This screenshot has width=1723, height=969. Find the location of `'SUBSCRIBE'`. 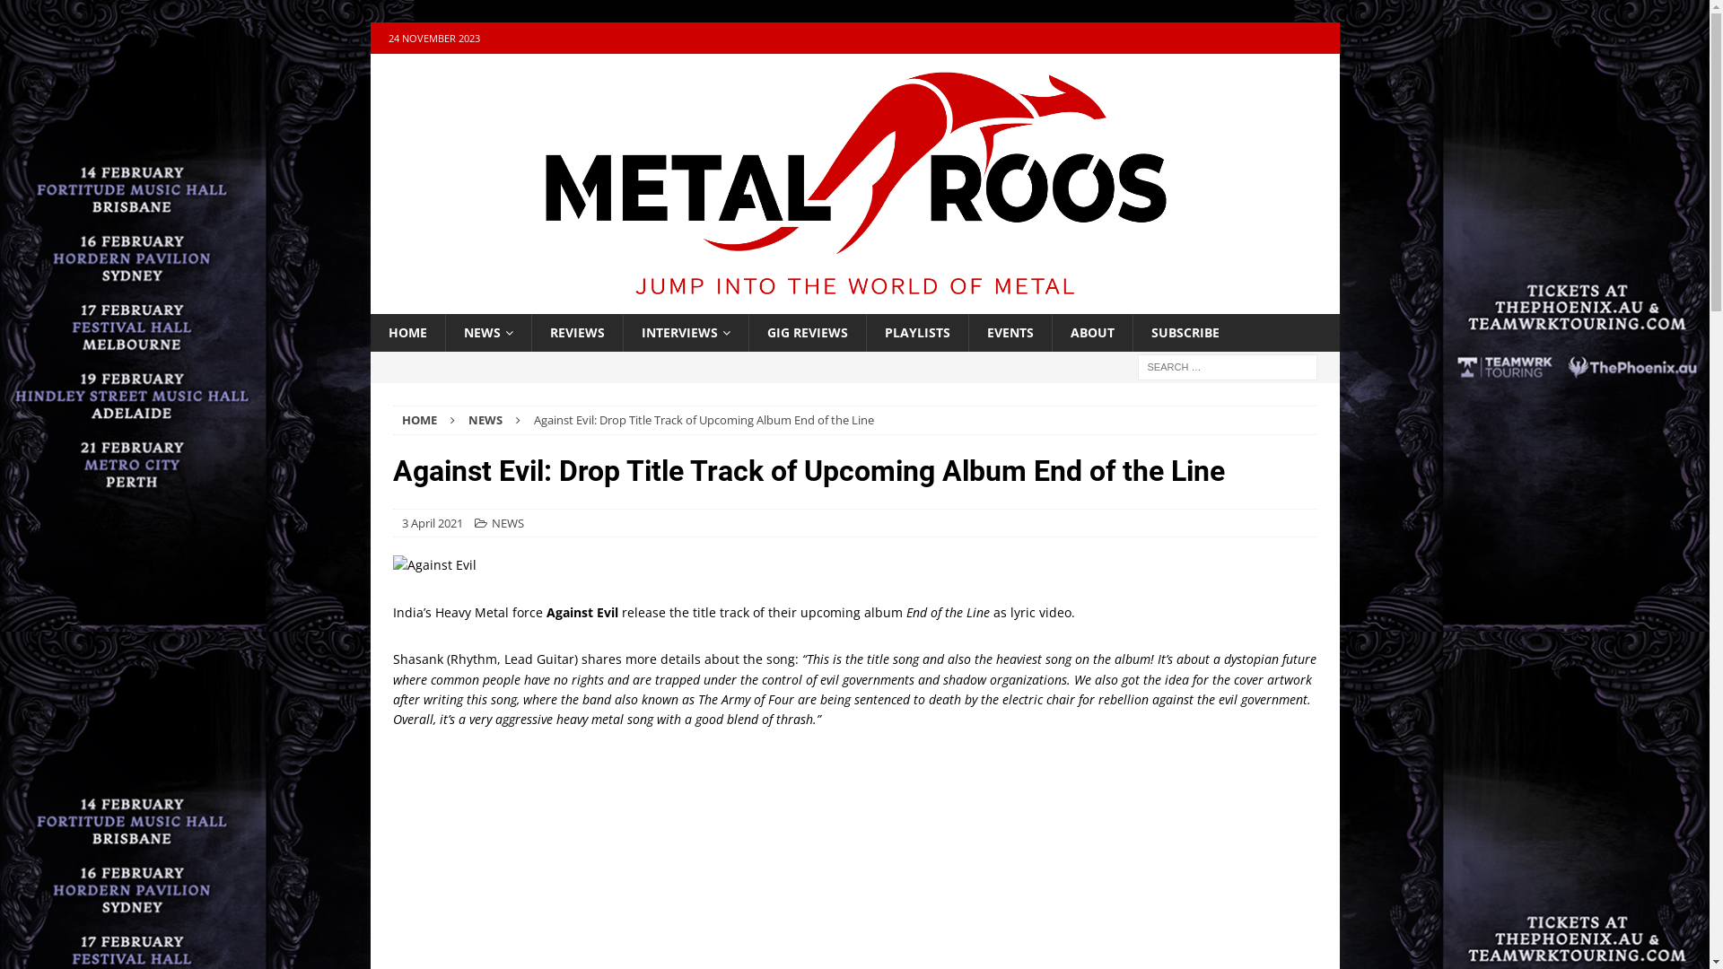

'SUBSCRIBE' is located at coordinates (1185, 332).